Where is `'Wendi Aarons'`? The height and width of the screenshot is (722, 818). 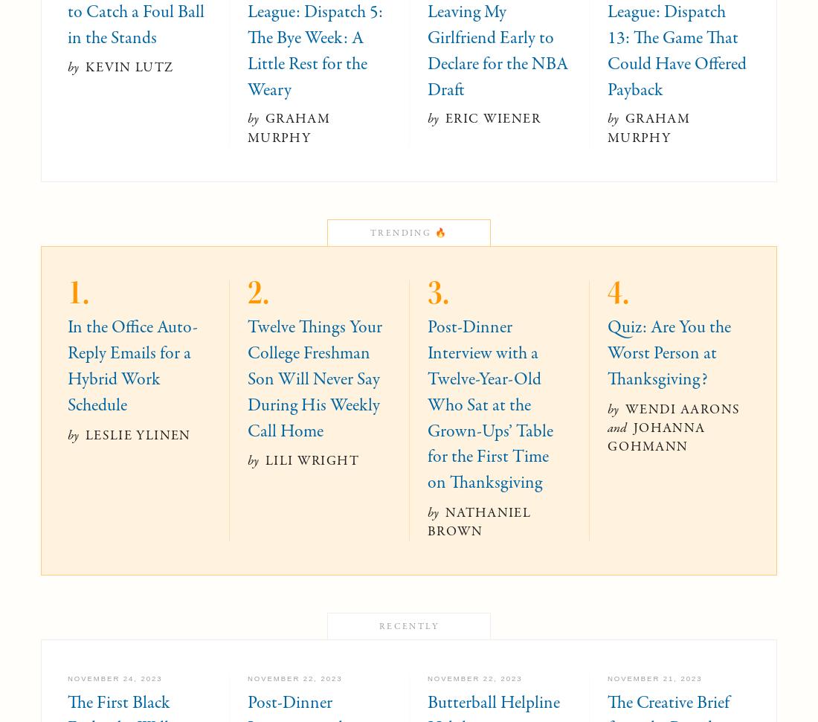
'Wendi Aarons' is located at coordinates (682, 409).